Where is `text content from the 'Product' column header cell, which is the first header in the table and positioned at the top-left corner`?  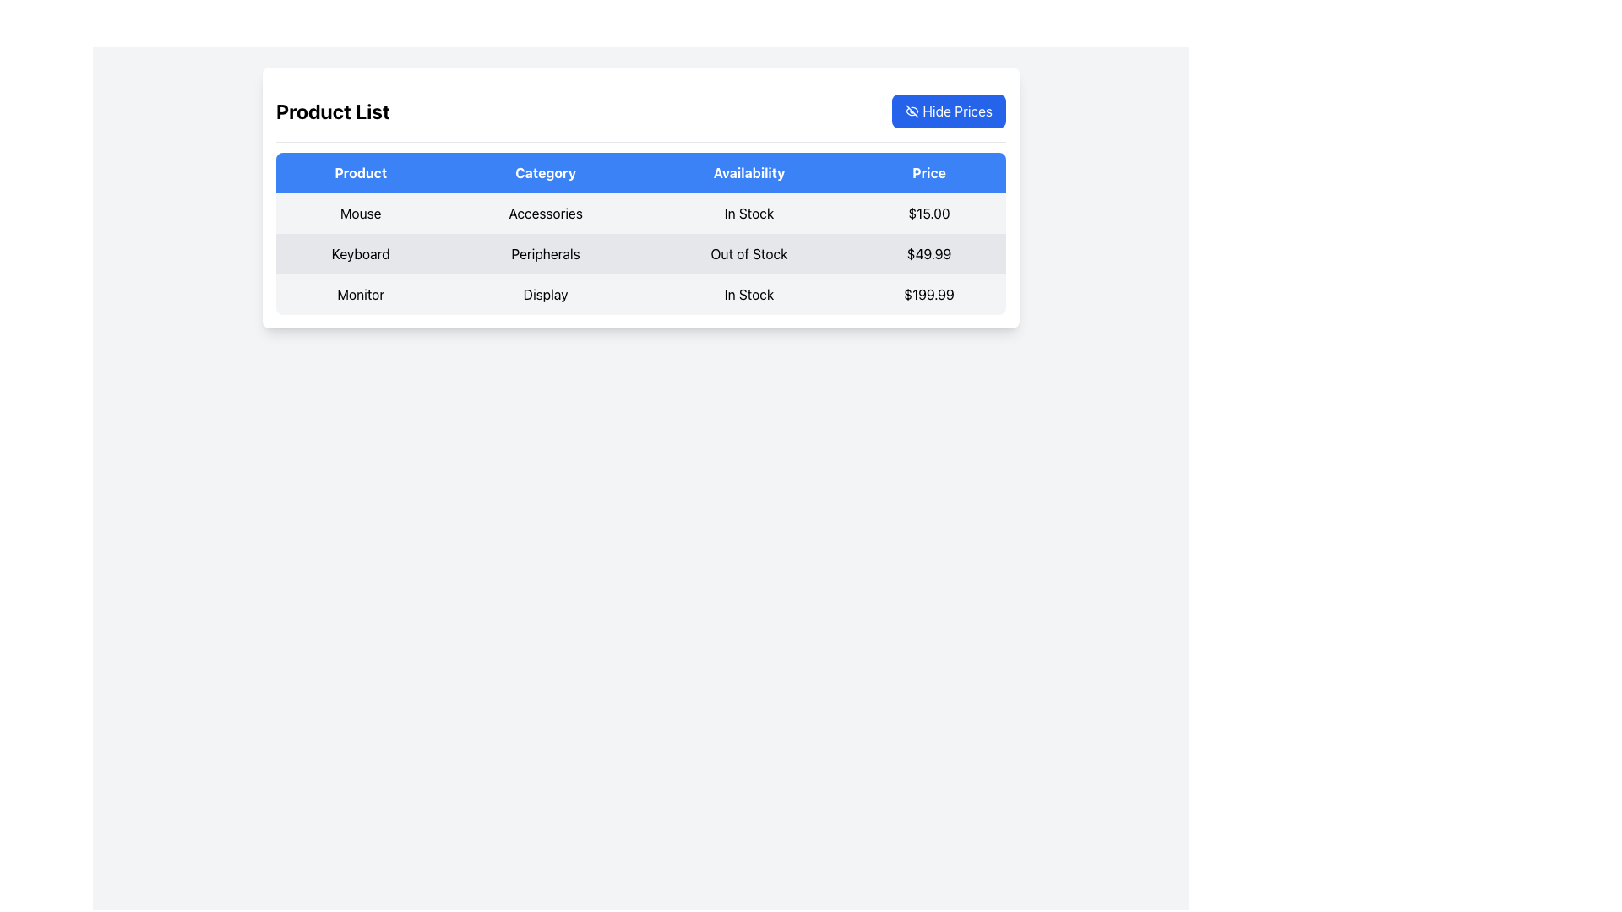 text content from the 'Product' column header cell, which is the first header in the table and positioned at the top-left corner is located at coordinates (360, 172).